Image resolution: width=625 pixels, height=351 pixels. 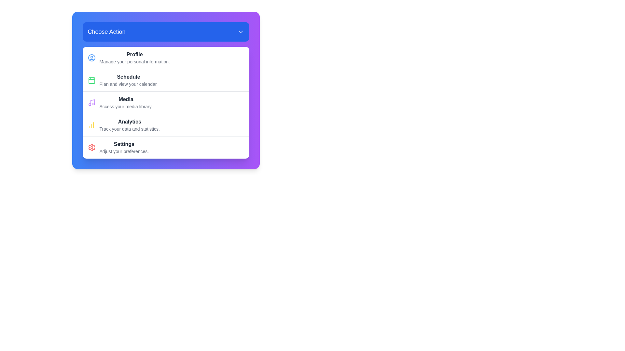 What do you see at coordinates (91, 80) in the screenshot?
I see `the calendar icon located on the second row under 'Choose Action', to the left of the 'Schedule' label` at bounding box center [91, 80].